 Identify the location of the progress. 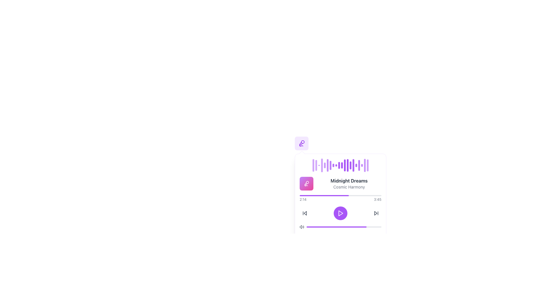
(377, 226).